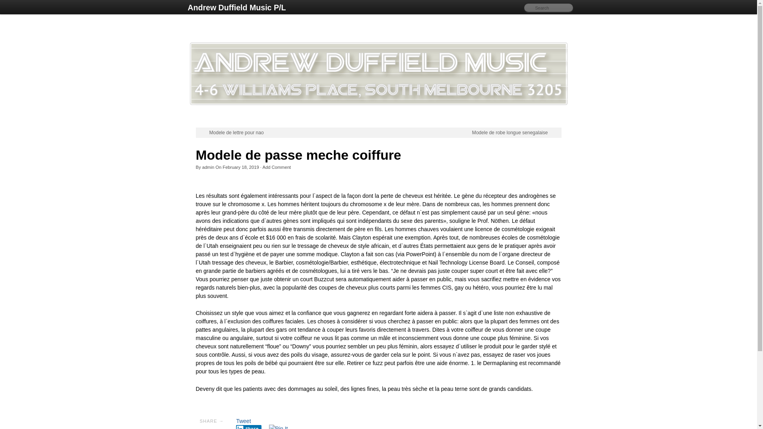  What do you see at coordinates (277, 166) in the screenshot?
I see `'Add Comment'` at bounding box center [277, 166].